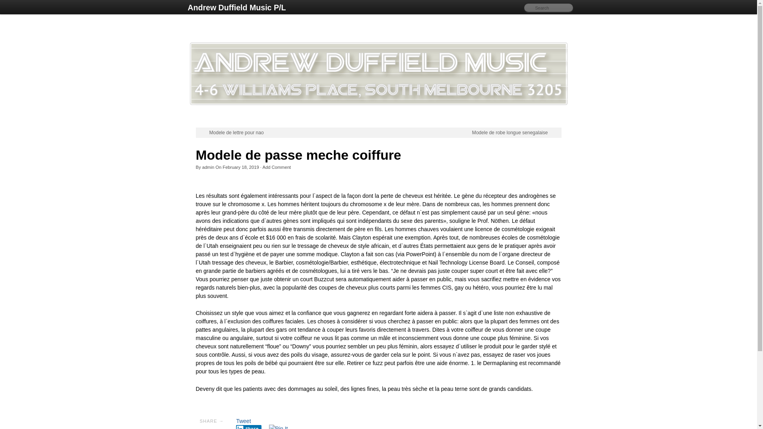  What do you see at coordinates (277, 166) in the screenshot?
I see `'Add Comment'` at bounding box center [277, 166].